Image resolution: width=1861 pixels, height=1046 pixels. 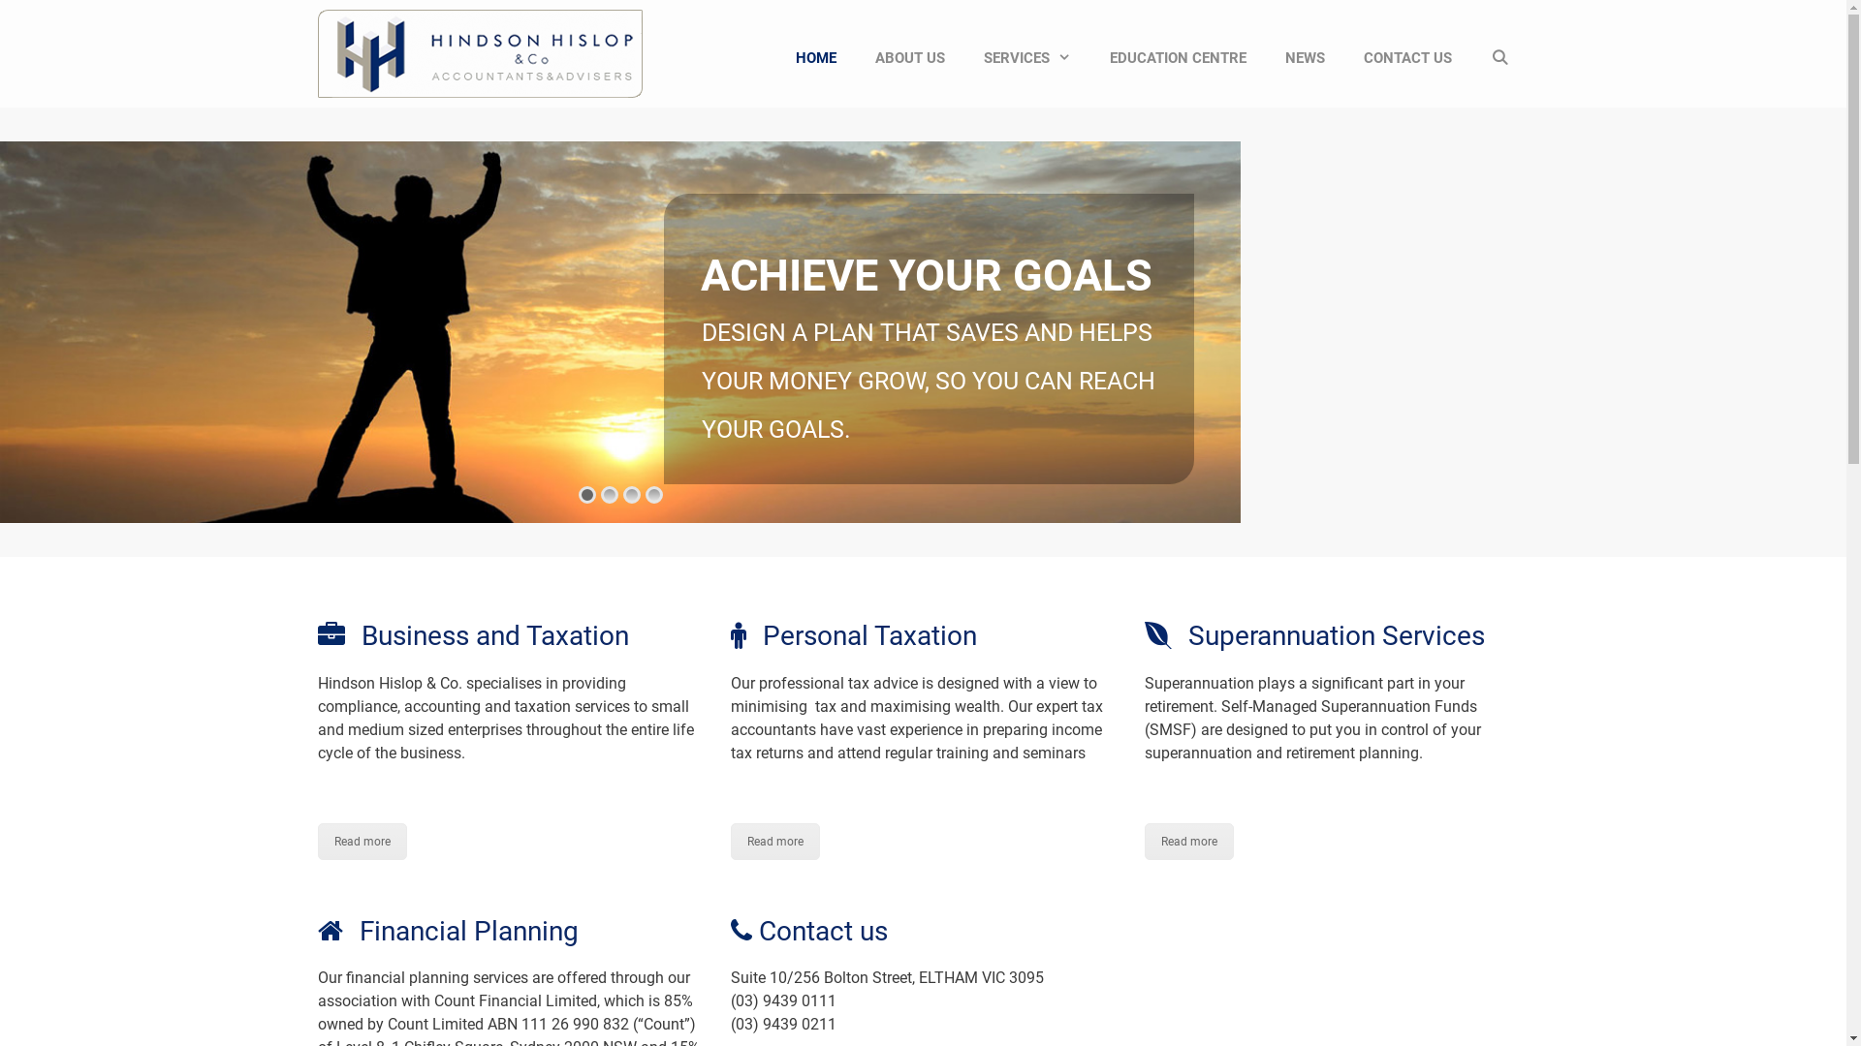 I want to click on 'EDUCATION CENTRE', so click(x=1177, y=57).